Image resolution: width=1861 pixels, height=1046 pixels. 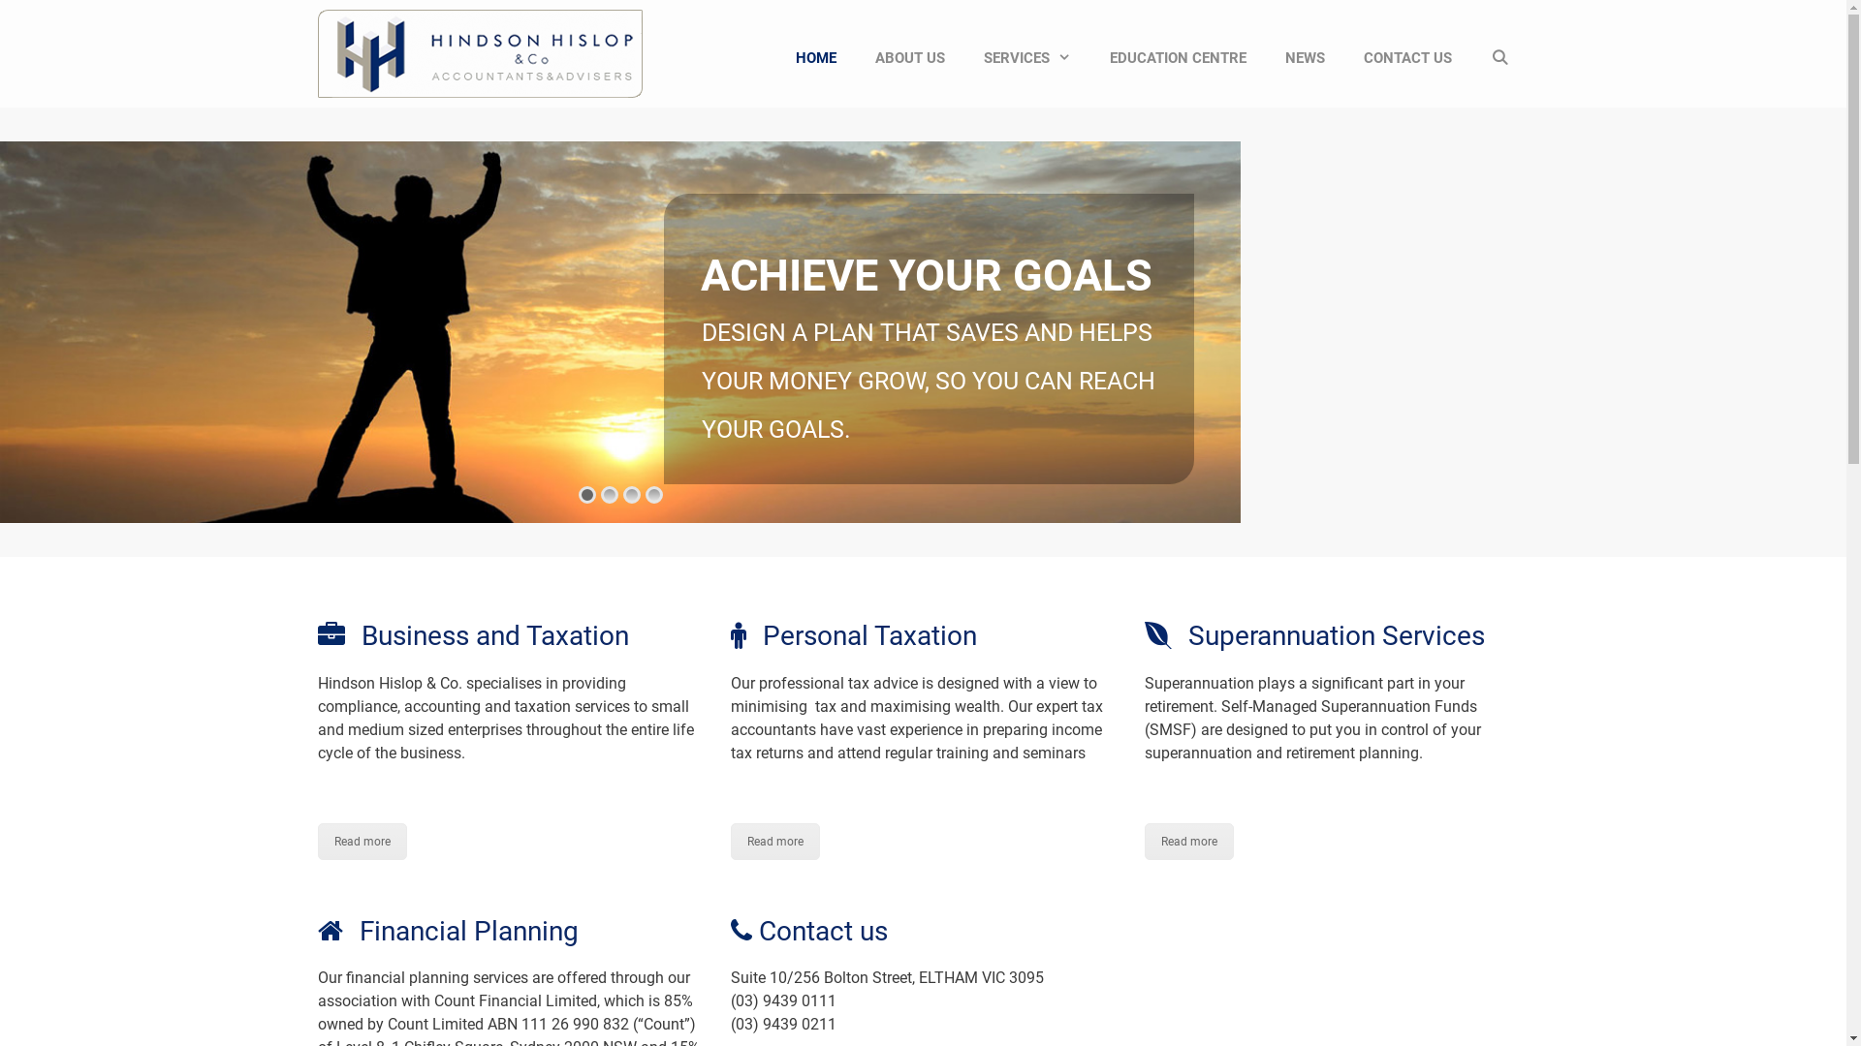 I want to click on 'EDUCATION CENTRE', so click(x=1177, y=57).